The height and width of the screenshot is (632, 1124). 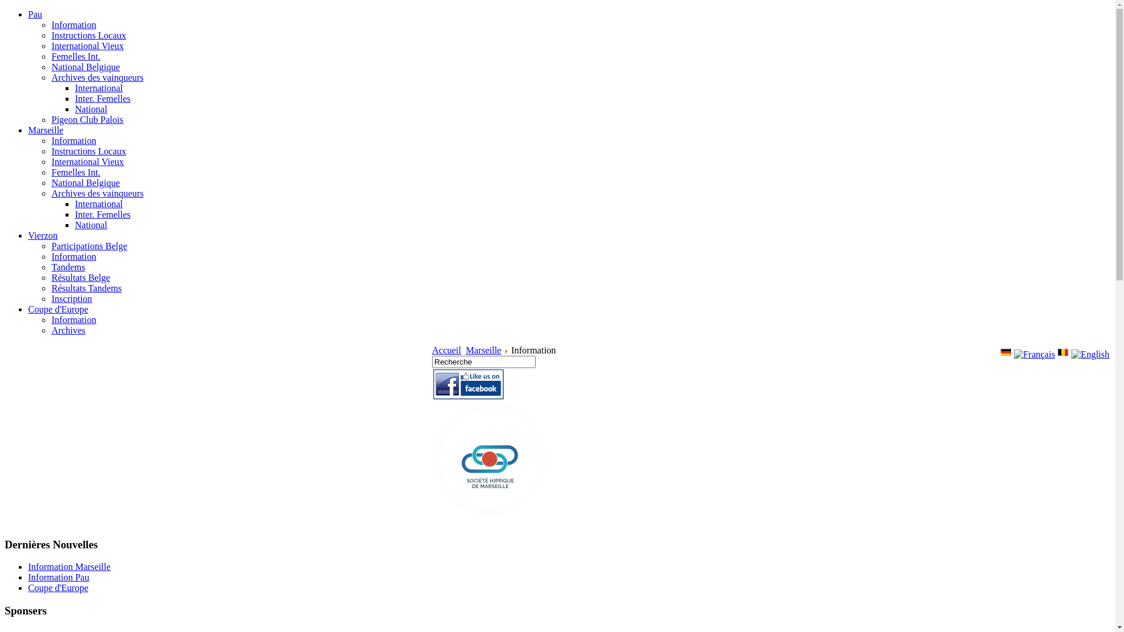 What do you see at coordinates (87, 45) in the screenshot?
I see `'International Vieux'` at bounding box center [87, 45].